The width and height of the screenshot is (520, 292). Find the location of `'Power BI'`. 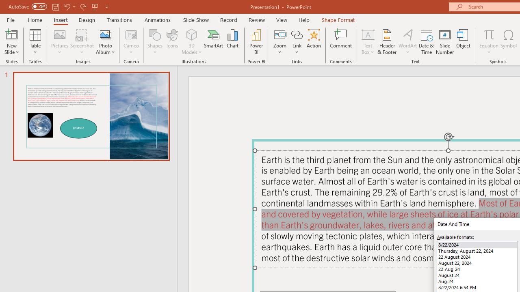

'Power BI' is located at coordinates (256, 42).